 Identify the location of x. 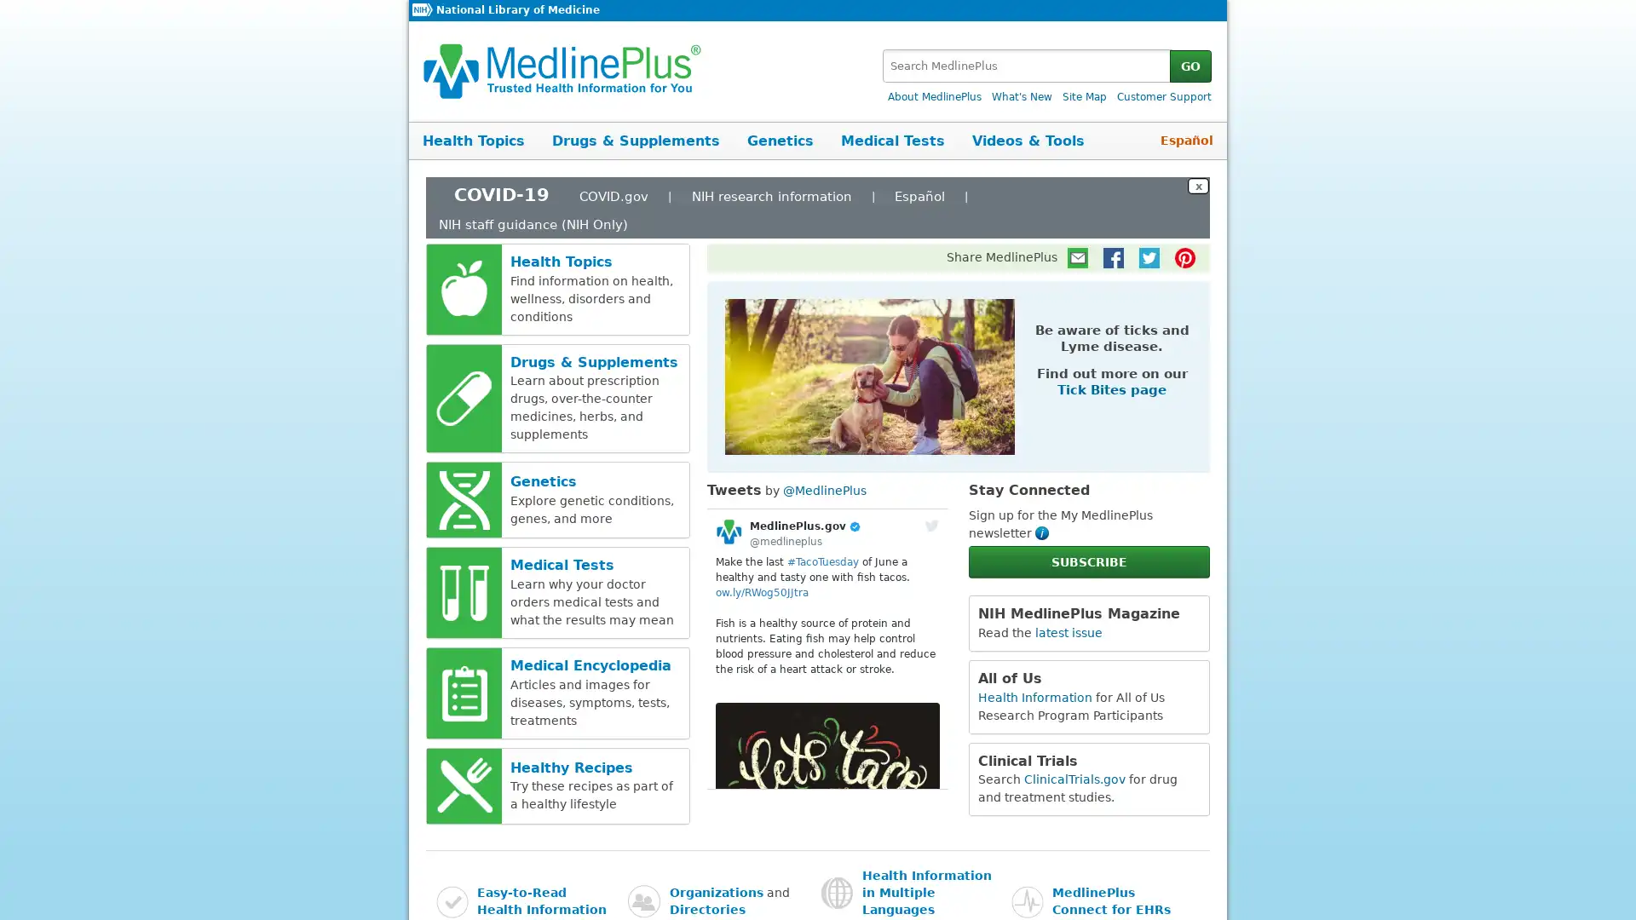
(1197, 185).